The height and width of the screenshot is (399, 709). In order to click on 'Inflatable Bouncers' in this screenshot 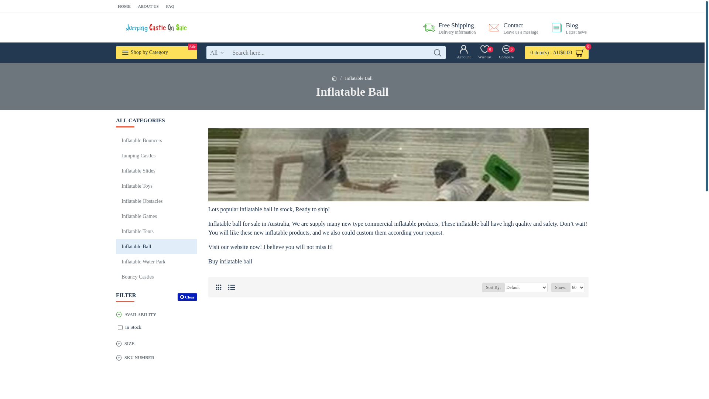, I will do `click(156, 140)`.